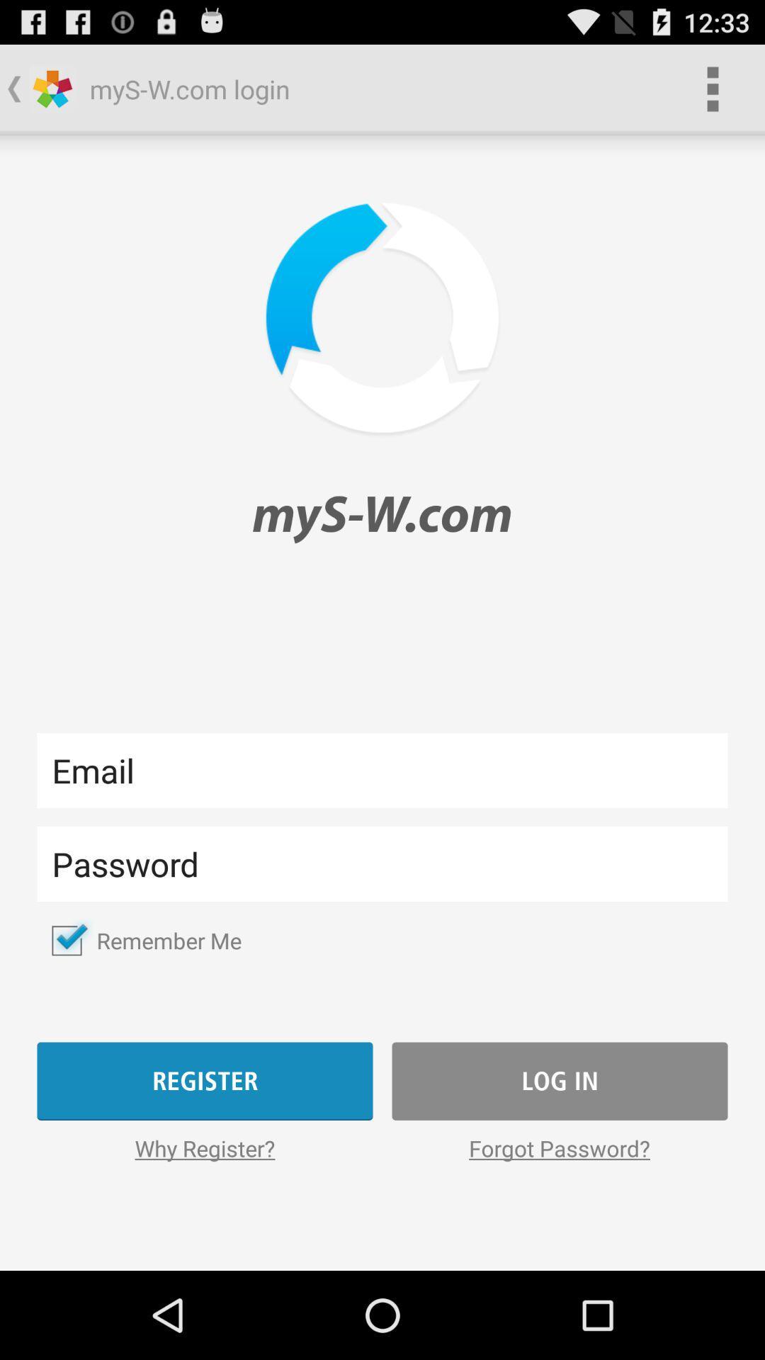 The height and width of the screenshot is (1360, 765). What do you see at coordinates (382, 863) in the screenshot?
I see `the password here` at bounding box center [382, 863].